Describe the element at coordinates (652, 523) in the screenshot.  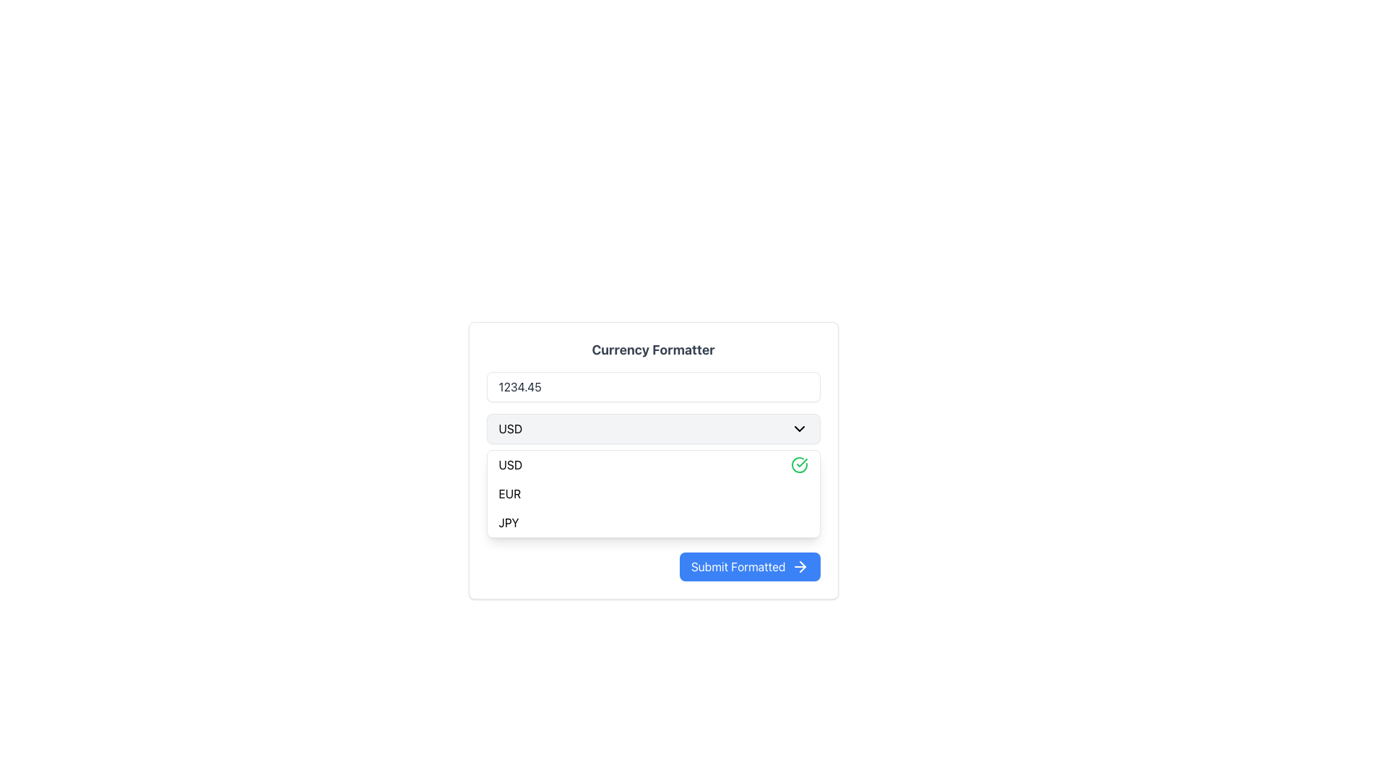
I see `the selectable option for 'JPY' in the dropdown menu` at that location.